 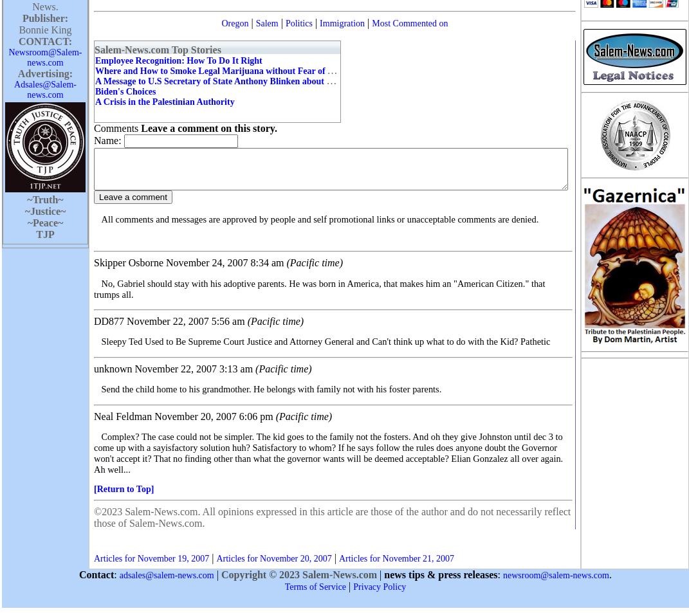 I want to click on 'Sleepy Ted Used to Be Supreme Court Justice and Attorney General and Can't think up what to do with the Kid? Pathetic', so click(x=325, y=342).